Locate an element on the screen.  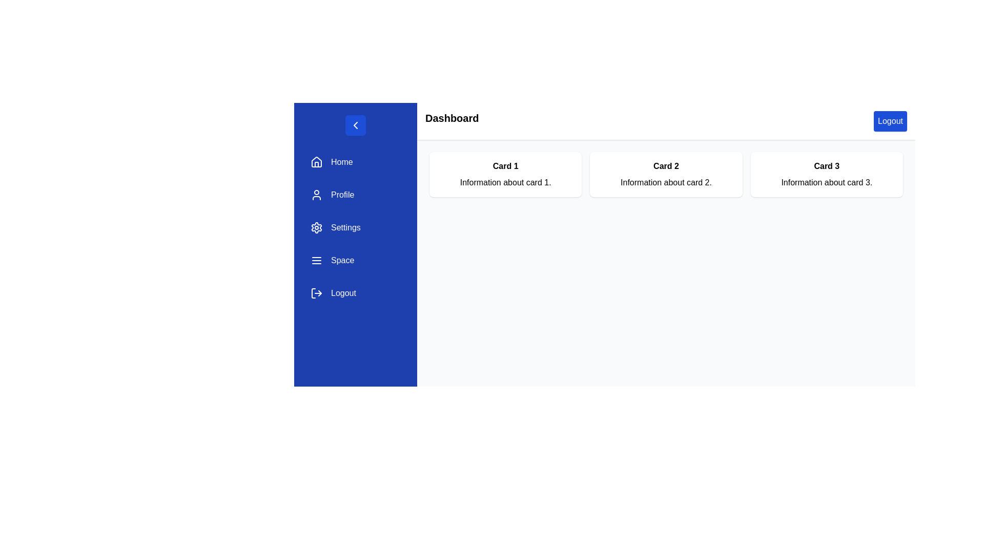
the 'Home' label that serves as a navigation option, positioned to the right of a house icon in the vertical menu is located at coordinates (342, 161).